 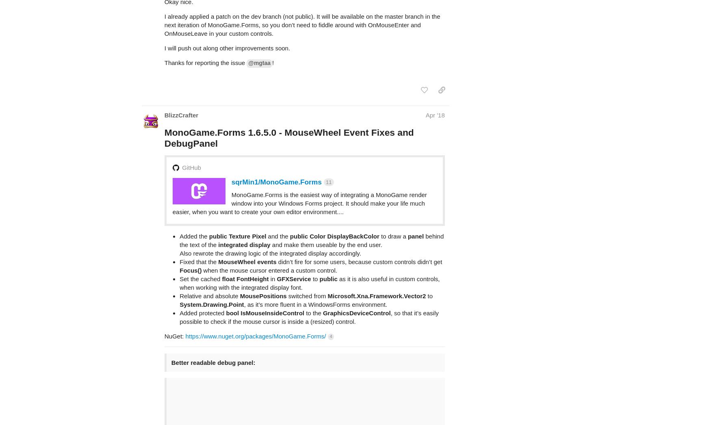 I want to click on '4', so click(x=330, y=304).